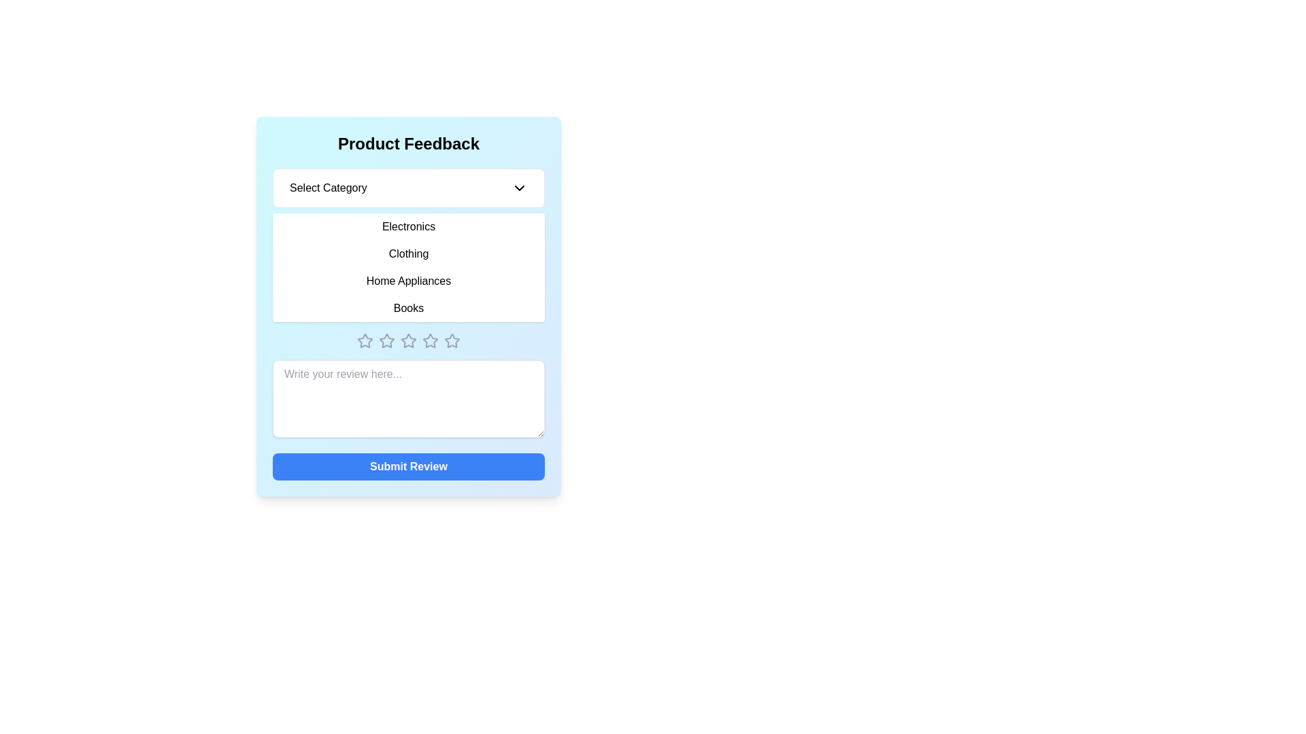  What do you see at coordinates (365, 340) in the screenshot?
I see `the leftmost star icon` at bounding box center [365, 340].